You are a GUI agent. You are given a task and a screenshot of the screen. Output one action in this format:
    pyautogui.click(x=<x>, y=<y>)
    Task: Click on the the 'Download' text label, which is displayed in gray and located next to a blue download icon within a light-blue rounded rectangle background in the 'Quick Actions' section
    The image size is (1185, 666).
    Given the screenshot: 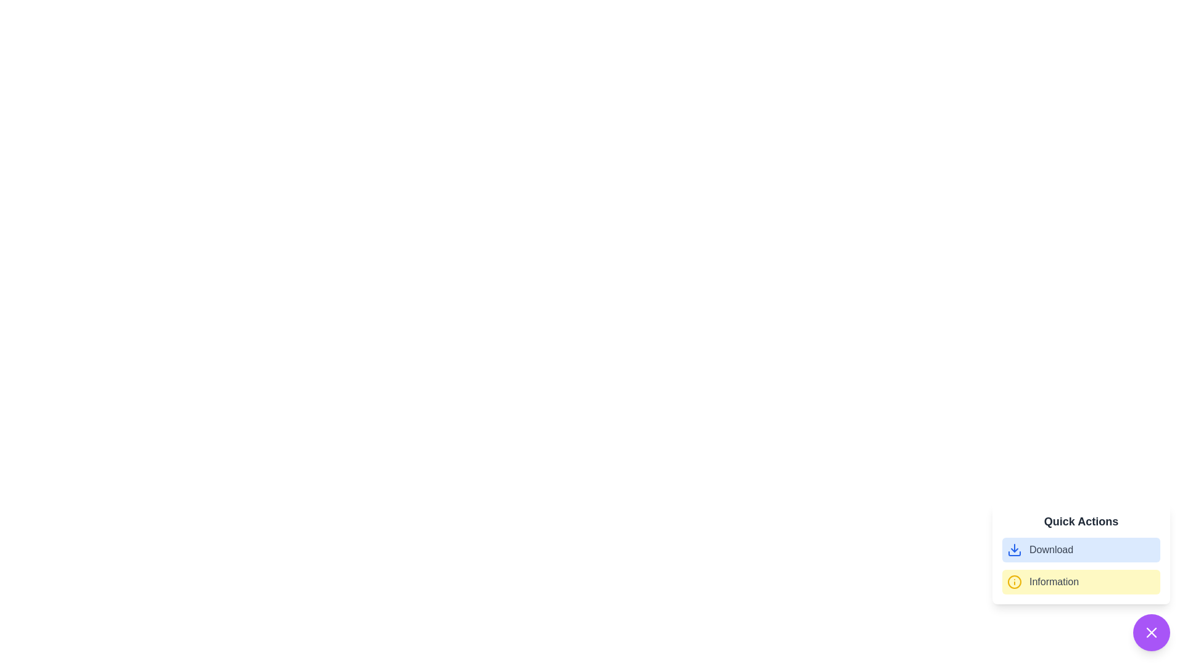 What is the action you would take?
    pyautogui.click(x=1050, y=549)
    